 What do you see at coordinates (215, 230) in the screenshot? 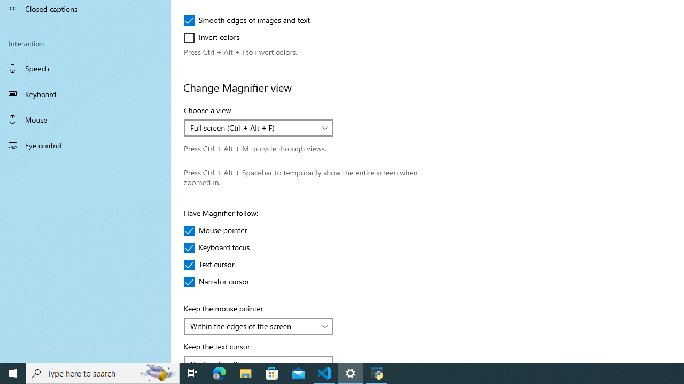
I see `'Mouse pointer'` at bounding box center [215, 230].